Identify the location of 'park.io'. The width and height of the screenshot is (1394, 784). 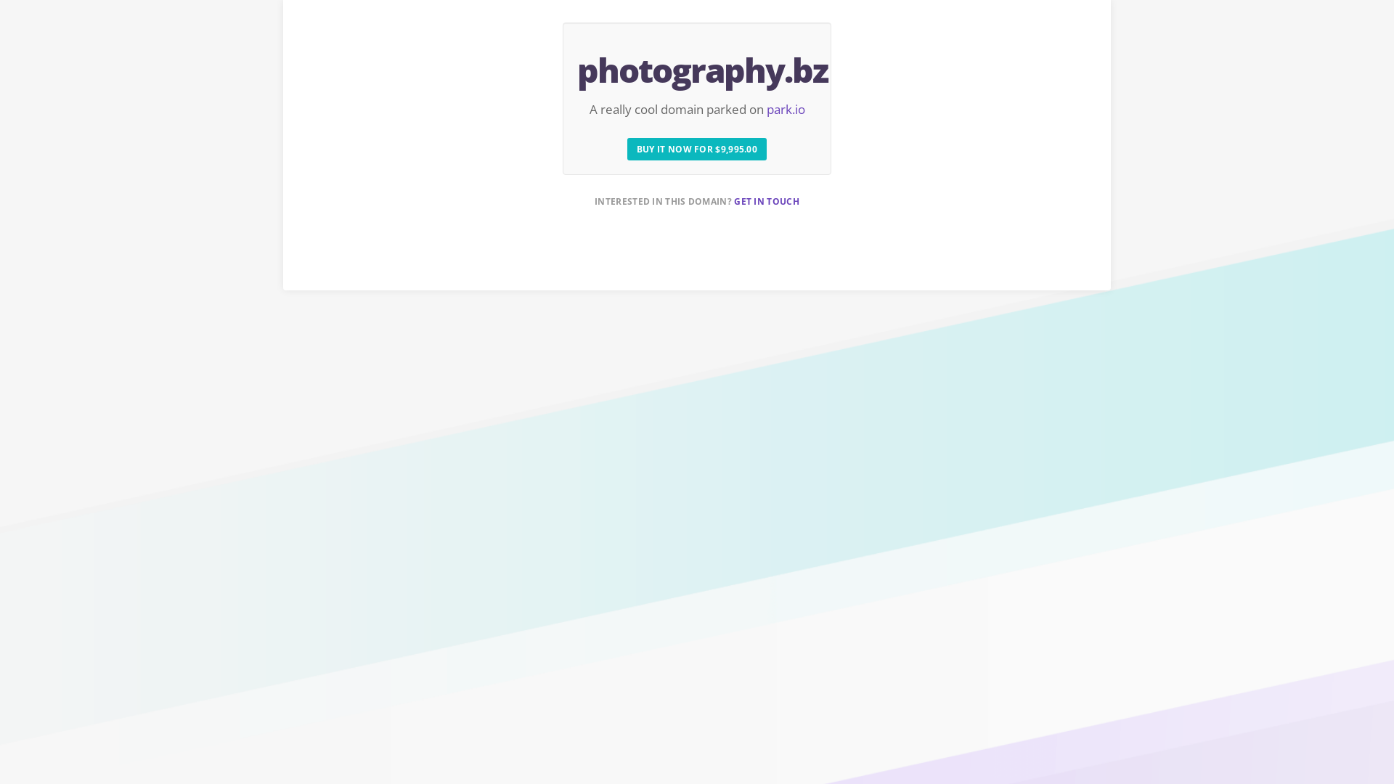
(766, 108).